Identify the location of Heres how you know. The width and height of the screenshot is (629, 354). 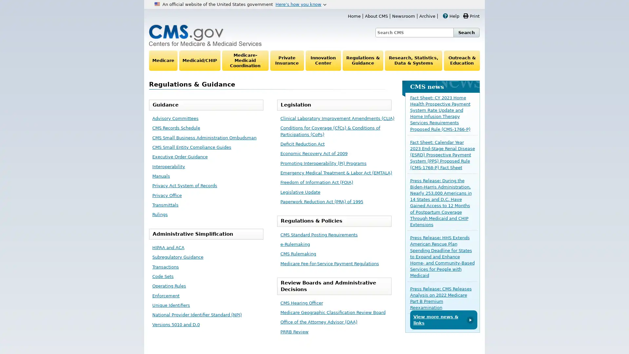
(300, 4).